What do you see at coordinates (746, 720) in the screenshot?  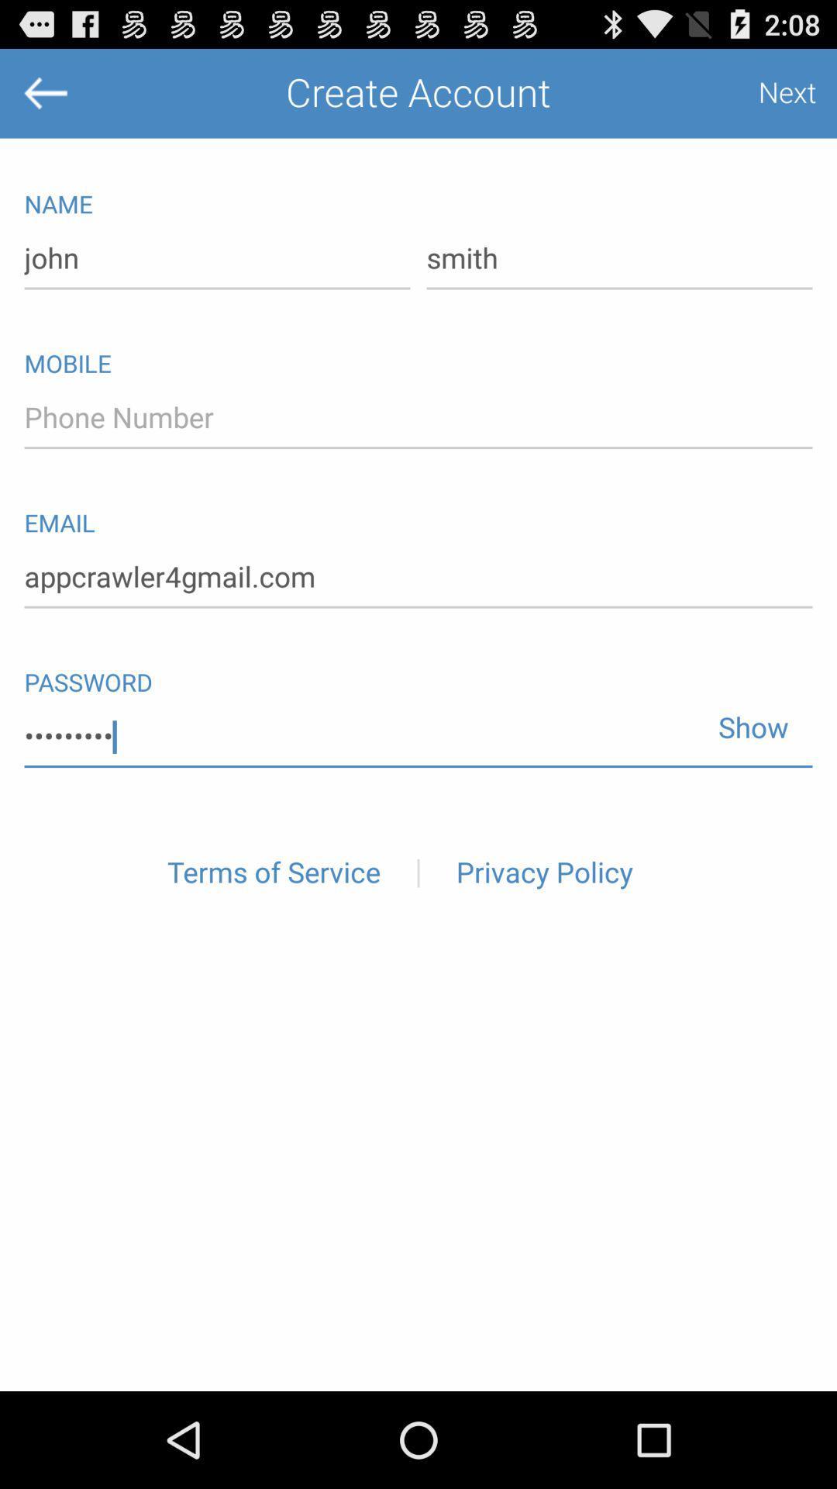 I see `show icon` at bounding box center [746, 720].